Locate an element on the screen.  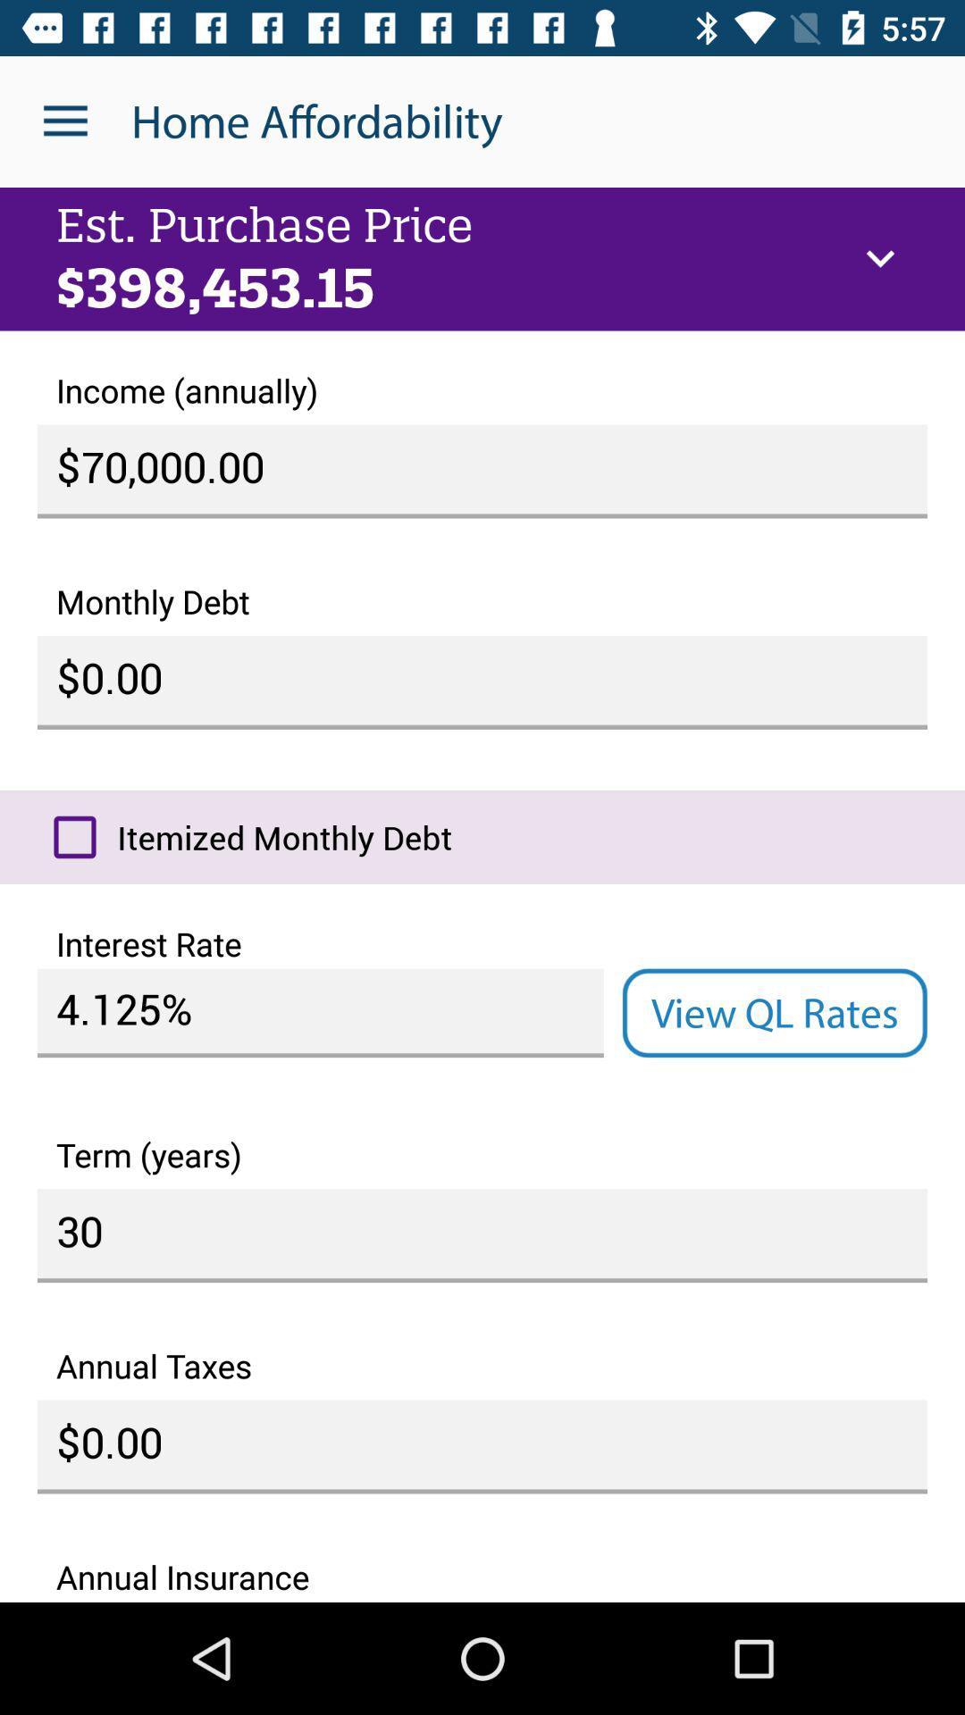
the icon below interest rate item is located at coordinates (774, 1013).